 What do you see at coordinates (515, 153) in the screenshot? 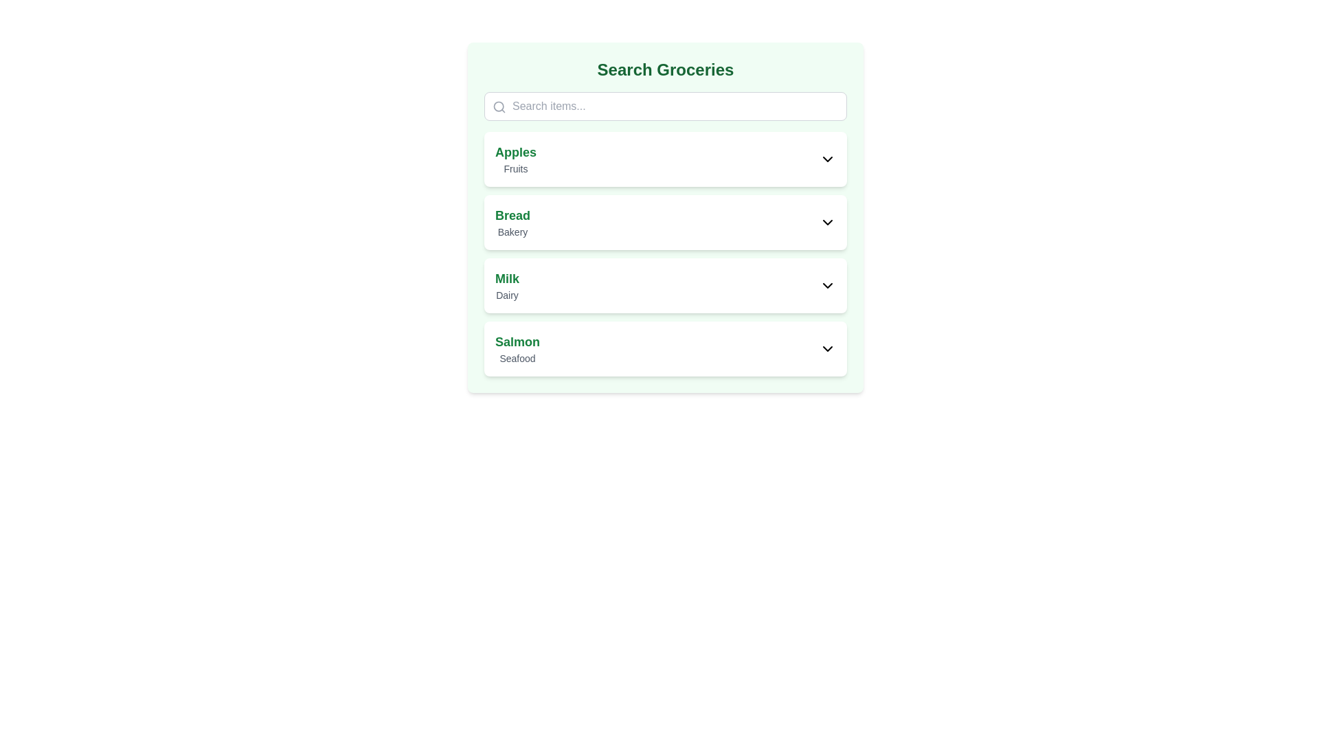
I see `the primary text label that serves as the title for the card located in the top-left quadrant, positioned above the 'Fruits' label` at bounding box center [515, 153].